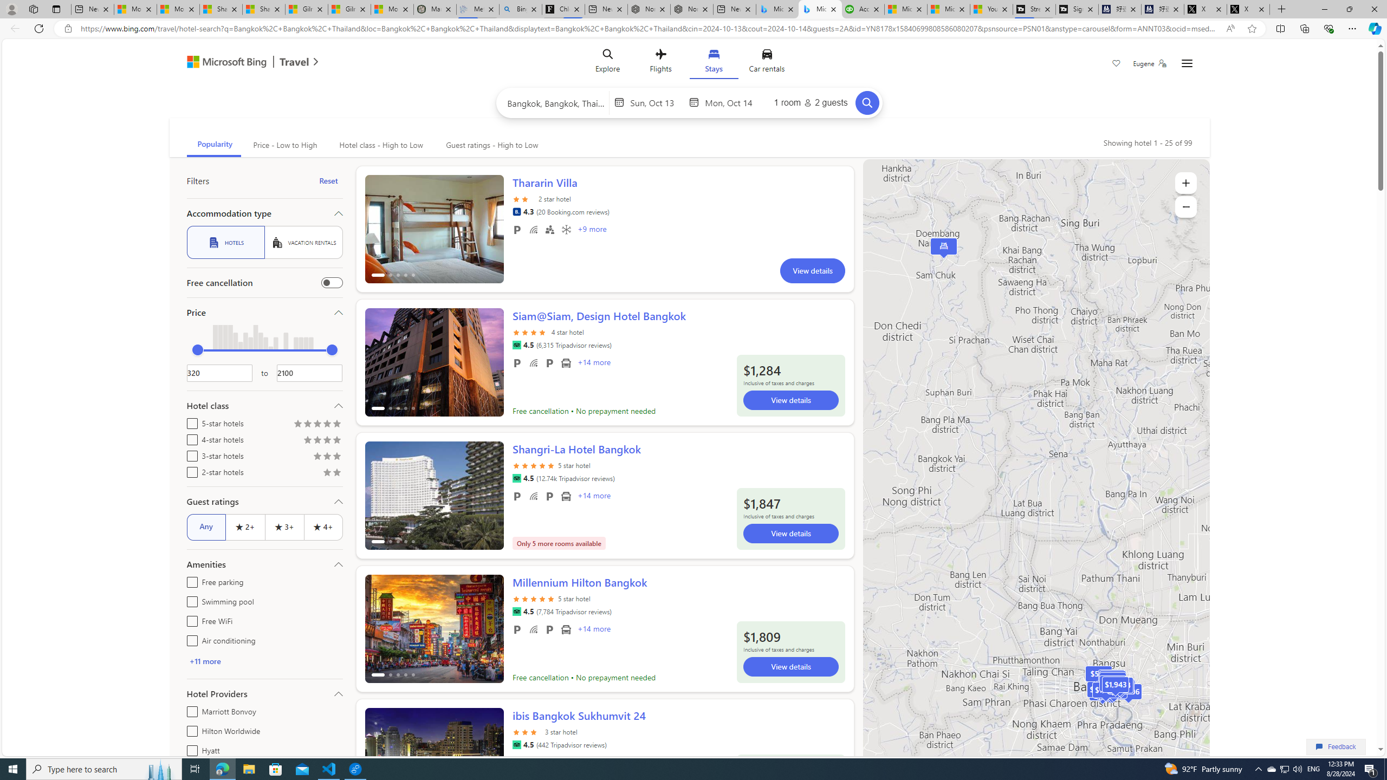  Describe the element at coordinates (1328, 28) in the screenshot. I see `'Browser essentials'` at that location.